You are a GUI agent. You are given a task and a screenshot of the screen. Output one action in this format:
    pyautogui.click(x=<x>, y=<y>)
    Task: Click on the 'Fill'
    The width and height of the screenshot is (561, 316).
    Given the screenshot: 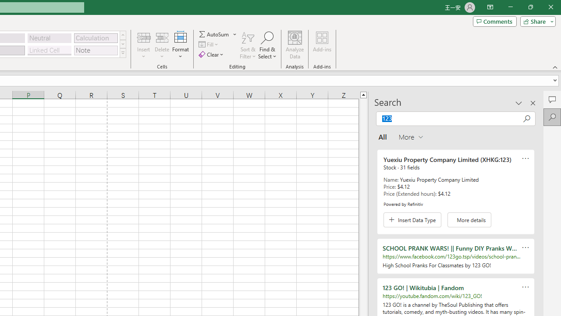 What is the action you would take?
    pyautogui.click(x=209, y=44)
    